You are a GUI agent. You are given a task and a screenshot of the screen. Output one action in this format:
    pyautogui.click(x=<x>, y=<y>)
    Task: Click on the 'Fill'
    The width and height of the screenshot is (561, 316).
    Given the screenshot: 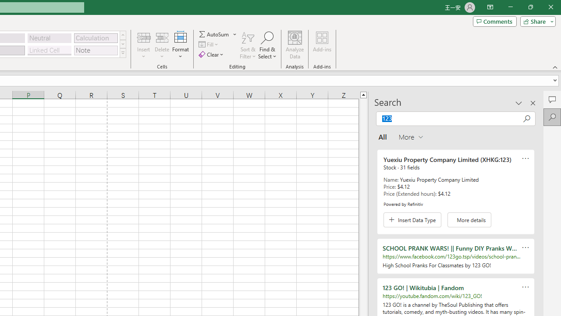 What is the action you would take?
    pyautogui.click(x=209, y=44)
    